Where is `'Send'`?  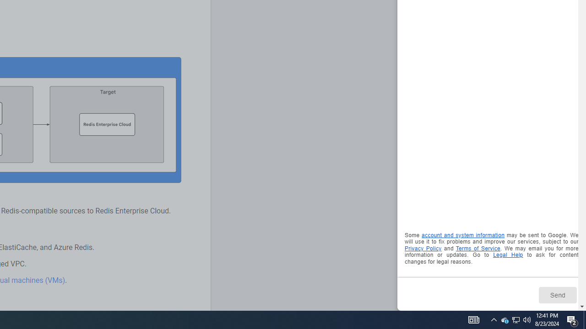
'Send' is located at coordinates (557, 295).